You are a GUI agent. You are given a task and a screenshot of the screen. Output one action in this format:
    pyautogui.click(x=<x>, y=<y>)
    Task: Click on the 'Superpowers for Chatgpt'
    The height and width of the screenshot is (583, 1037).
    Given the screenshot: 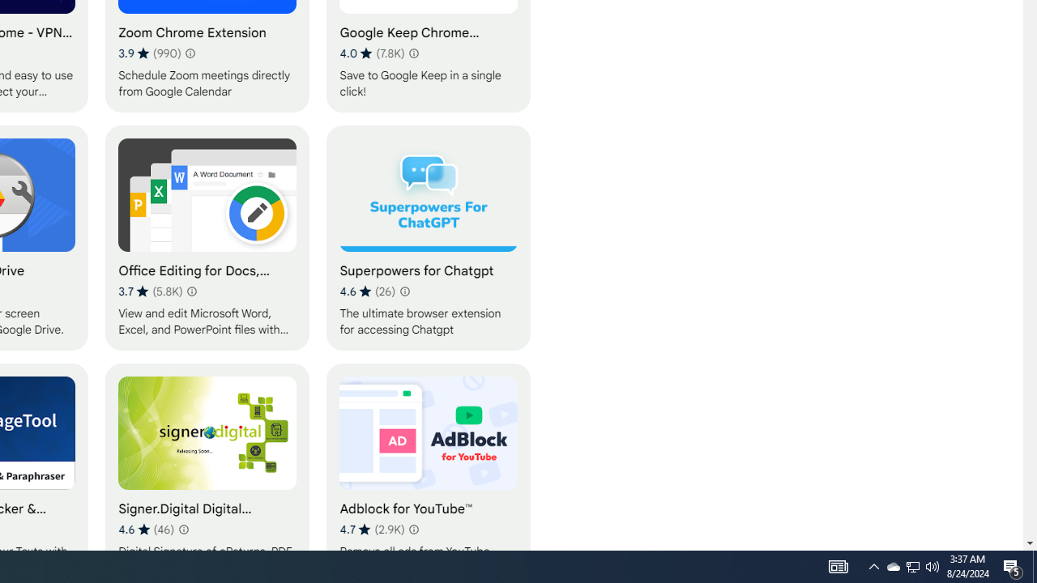 What is the action you would take?
    pyautogui.click(x=429, y=237)
    